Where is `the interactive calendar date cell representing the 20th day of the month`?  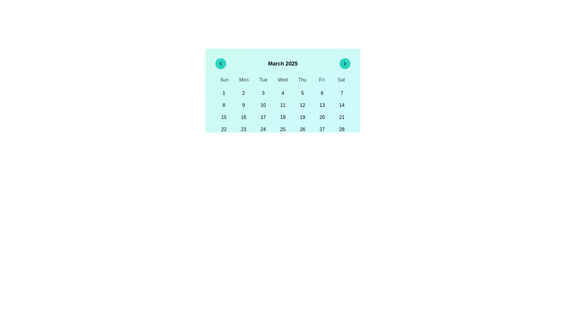 the interactive calendar date cell representing the 20th day of the month is located at coordinates (322, 117).